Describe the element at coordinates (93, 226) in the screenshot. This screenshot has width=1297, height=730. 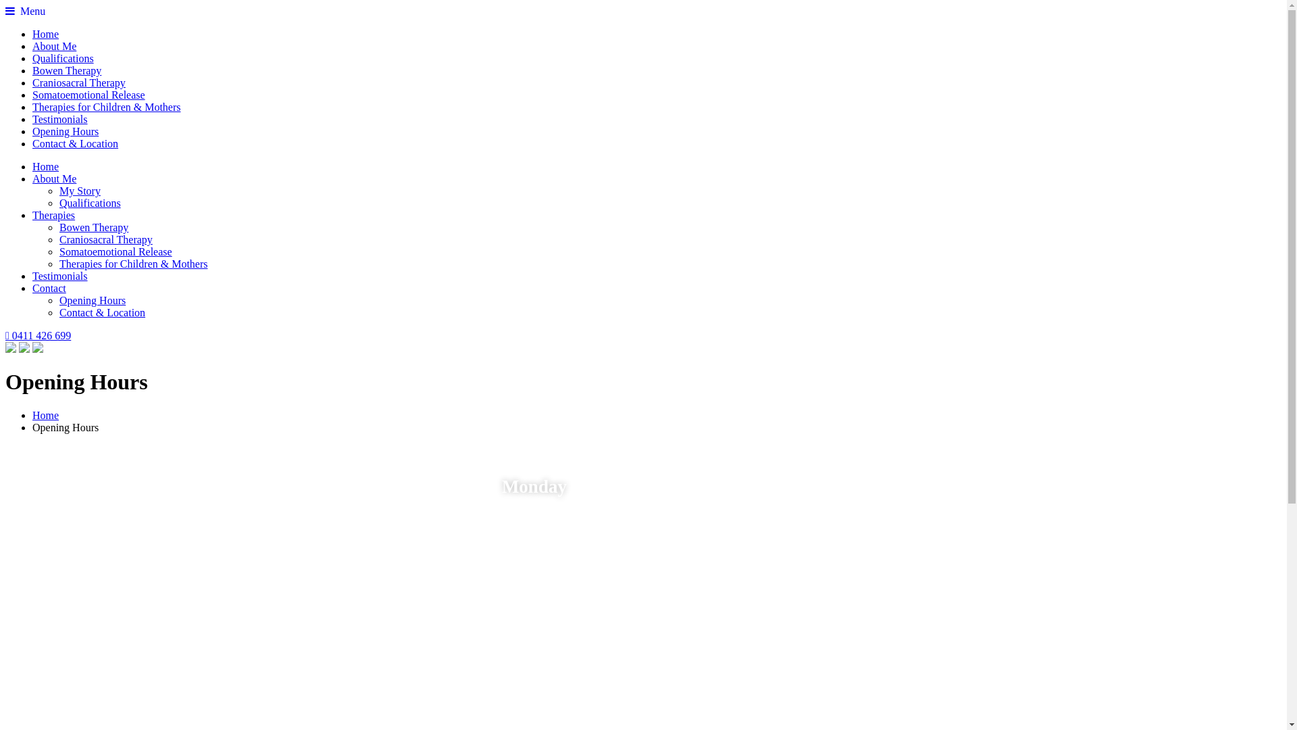
I see `'Bowen Therapy'` at that location.